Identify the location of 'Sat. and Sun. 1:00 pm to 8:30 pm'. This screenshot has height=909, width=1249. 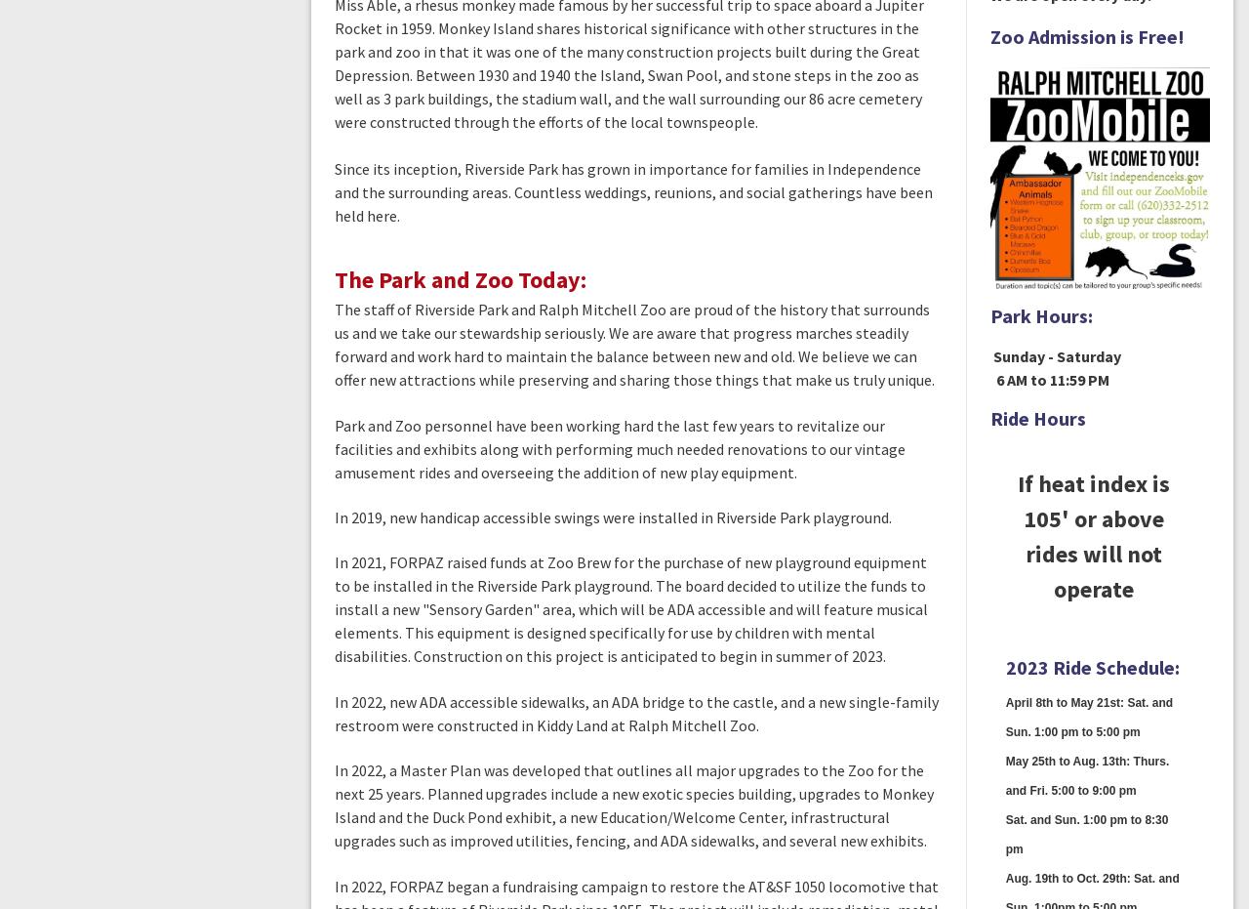
(1005, 834).